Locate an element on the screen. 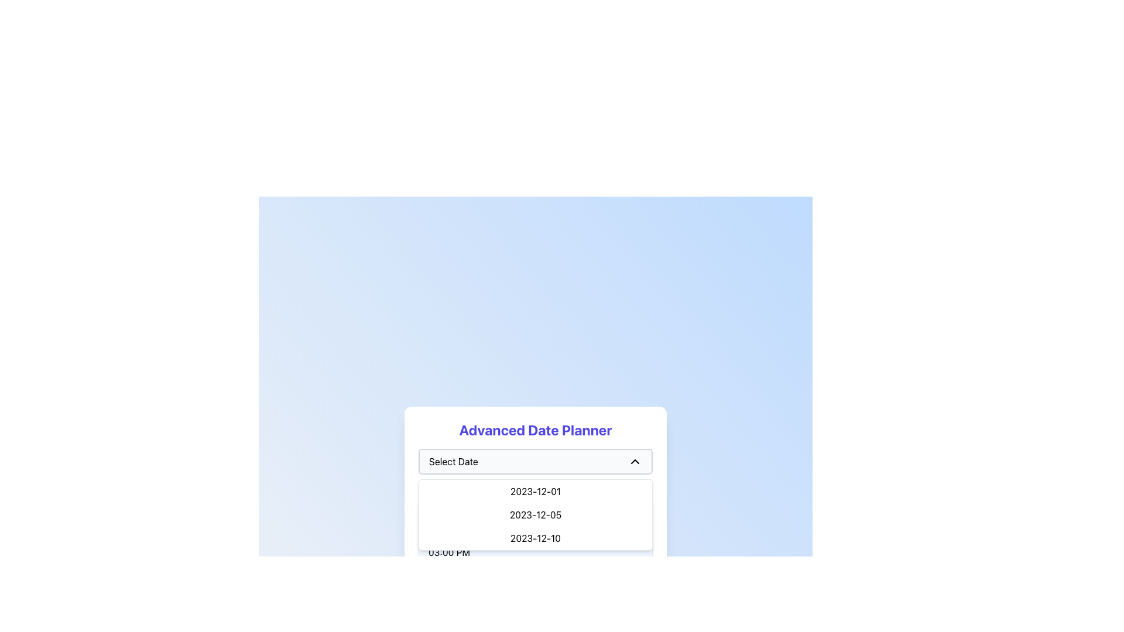 This screenshot has width=1124, height=632. the selectable date option in the dropdown menu, which is the second item in the list is located at coordinates (535, 514).